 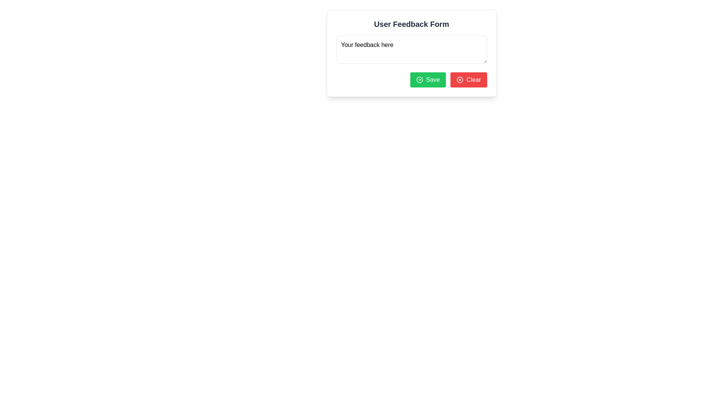 I want to click on the clear button located in the bottom-right corner of the form to reset all input fields to their default state, so click(x=468, y=80).